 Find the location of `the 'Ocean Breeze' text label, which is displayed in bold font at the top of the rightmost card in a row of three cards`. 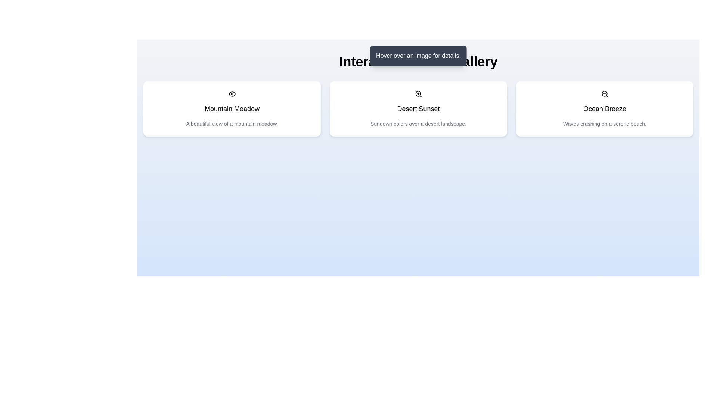

the 'Ocean Breeze' text label, which is displayed in bold font at the top of the rightmost card in a row of three cards is located at coordinates (605, 109).